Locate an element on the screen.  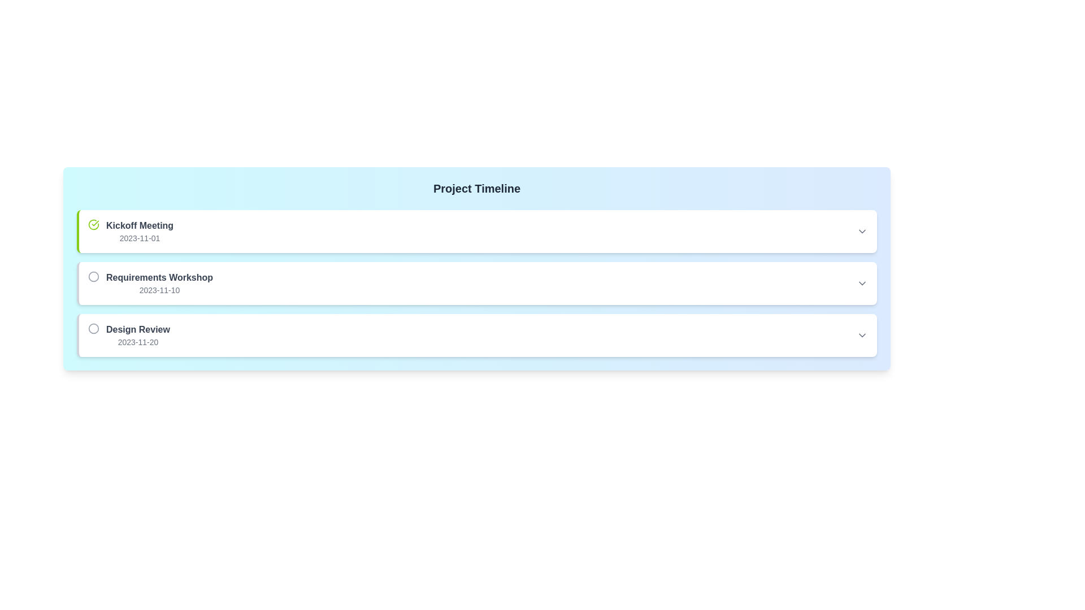
the third list item labeled 'Design Review' is located at coordinates (478, 335).